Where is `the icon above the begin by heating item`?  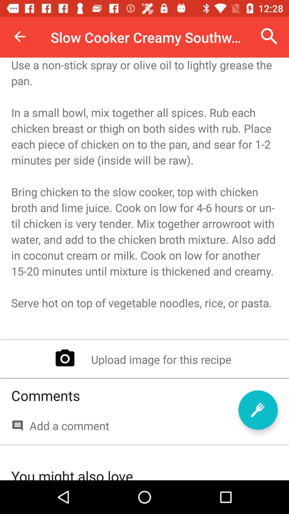
the icon above the begin by heating item is located at coordinates (19, 36).